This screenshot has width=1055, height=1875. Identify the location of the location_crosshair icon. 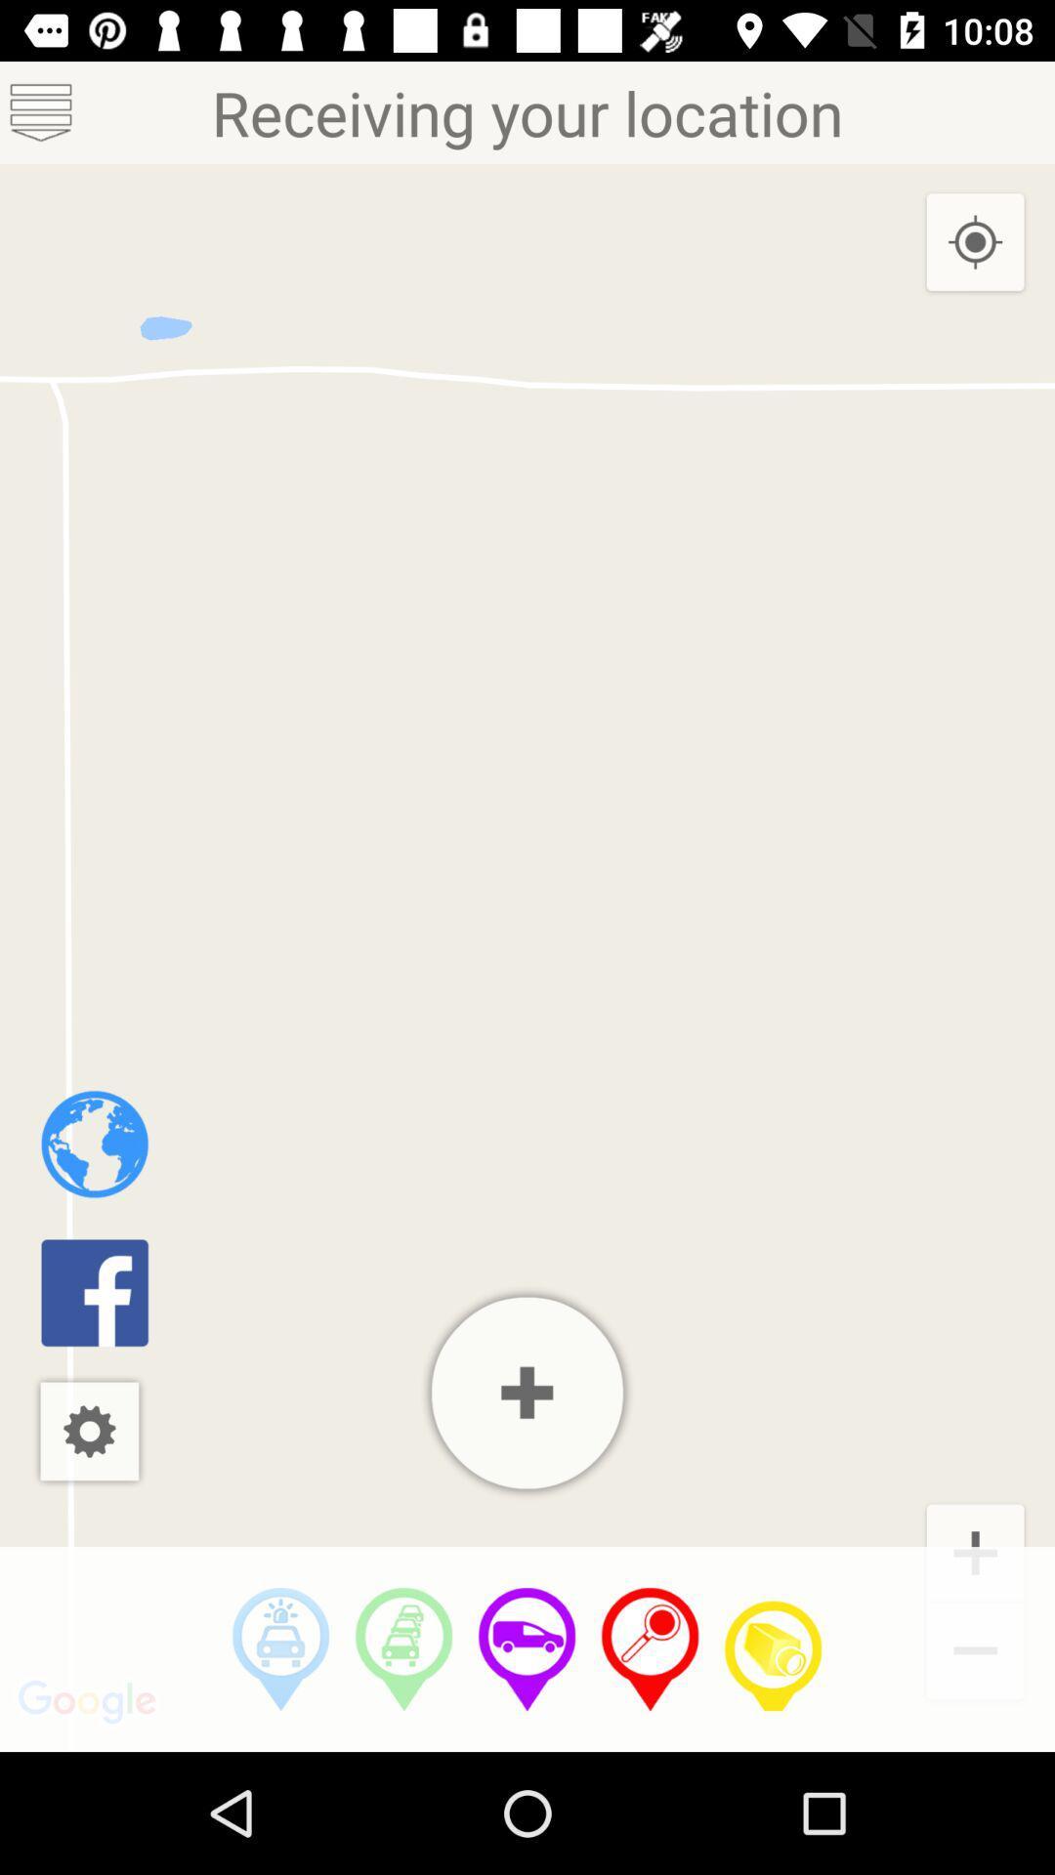
(975, 242).